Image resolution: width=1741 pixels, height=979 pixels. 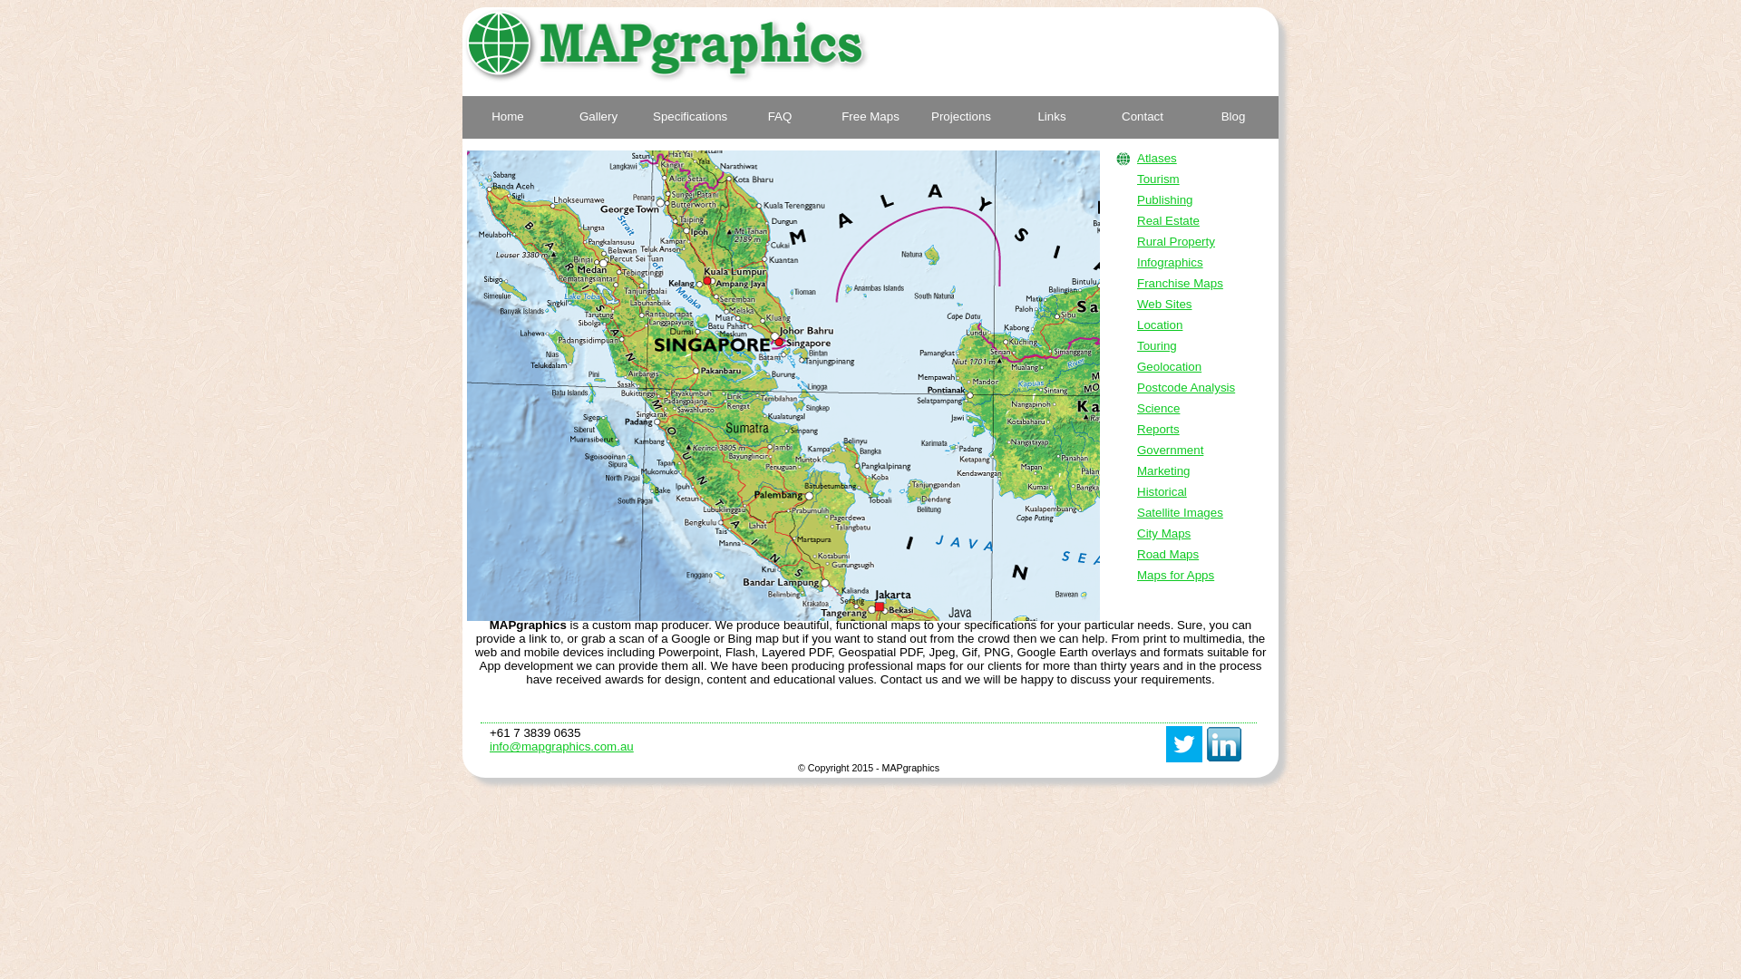 What do you see at coordinates (1232, 117) in the screenshot?
I see `'Blog'` at bounding box center [1232, 117].